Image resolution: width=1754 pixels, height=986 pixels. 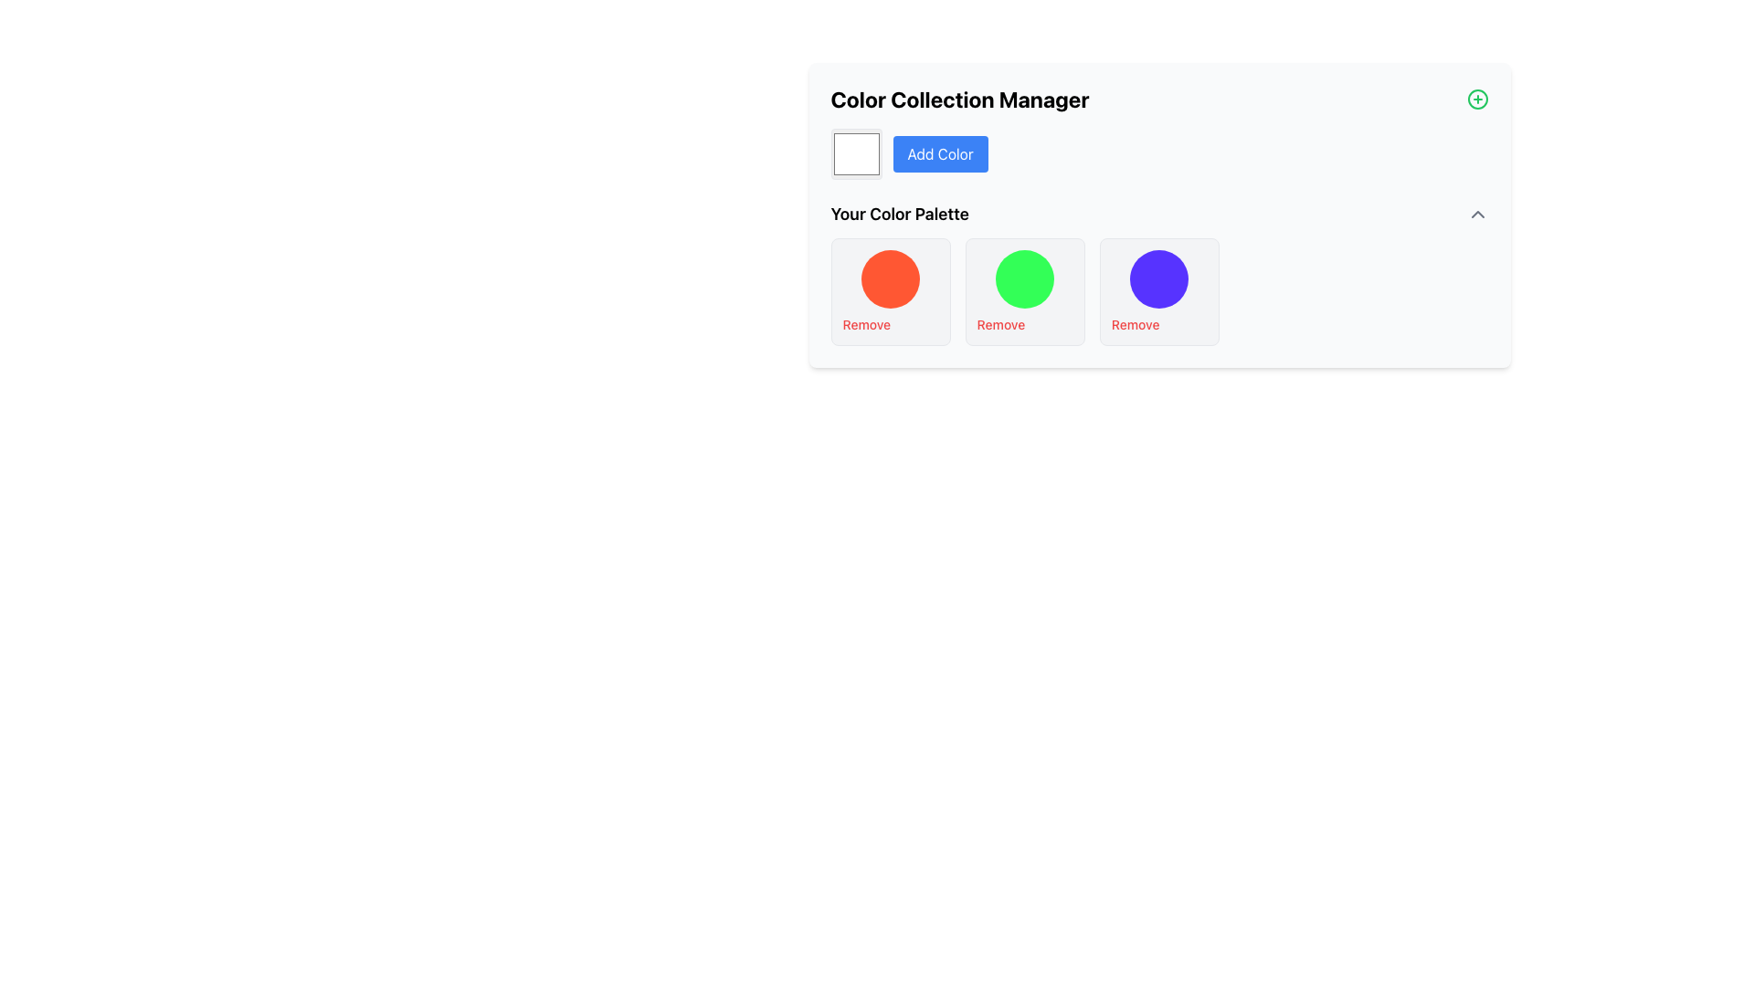 I want to click on the button located at the far-right corner of the header bar labeled 'Color Collection Manager', so click(x=1477, y=99).